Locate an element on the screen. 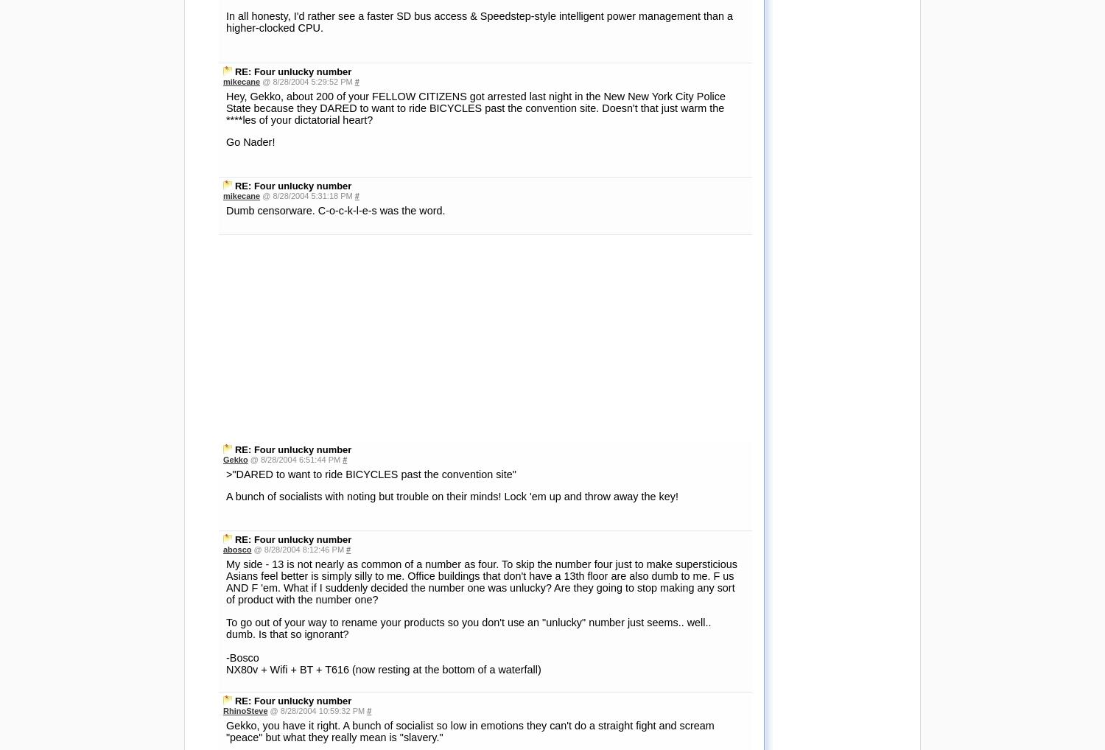  'I guess I don't see it as Palm going out of their way. It costs them nothing to call it the T5 instead of the T4, other than the wrath of pundits like us. It may not bring them the riches of Everest, but it surely doesn't hurt, so why not?' is located at coordinates (477, 611).